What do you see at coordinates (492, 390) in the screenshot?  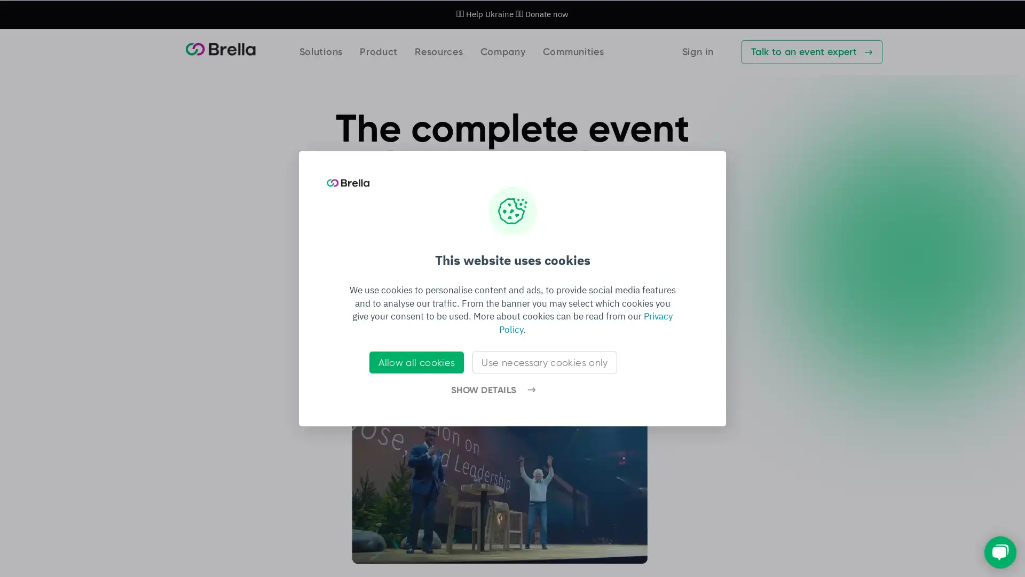 I see `SHOW DETAILS` at bounding box center [492, 390].